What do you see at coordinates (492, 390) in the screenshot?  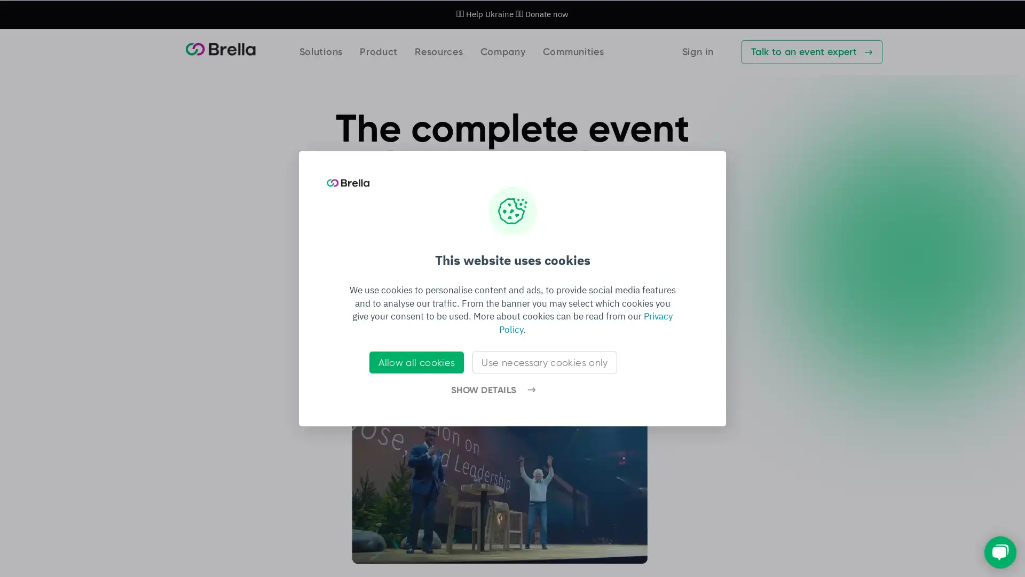 I see `SHOW DETAILS` at bounding box center [492, 390].